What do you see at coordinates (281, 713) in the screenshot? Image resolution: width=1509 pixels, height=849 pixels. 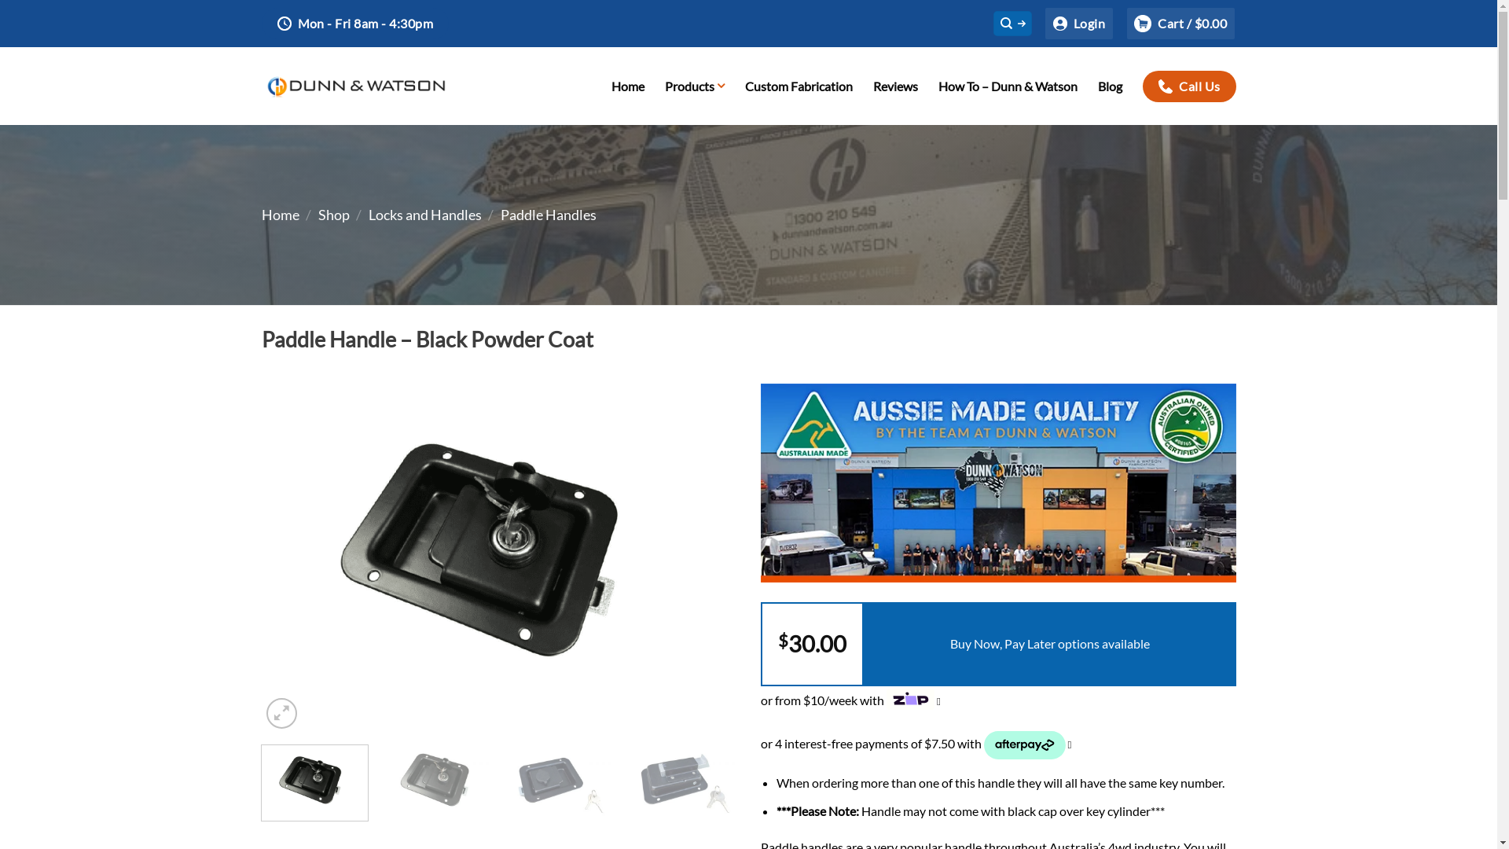 I see `'Zoom'` at bounding box center [281, 713].